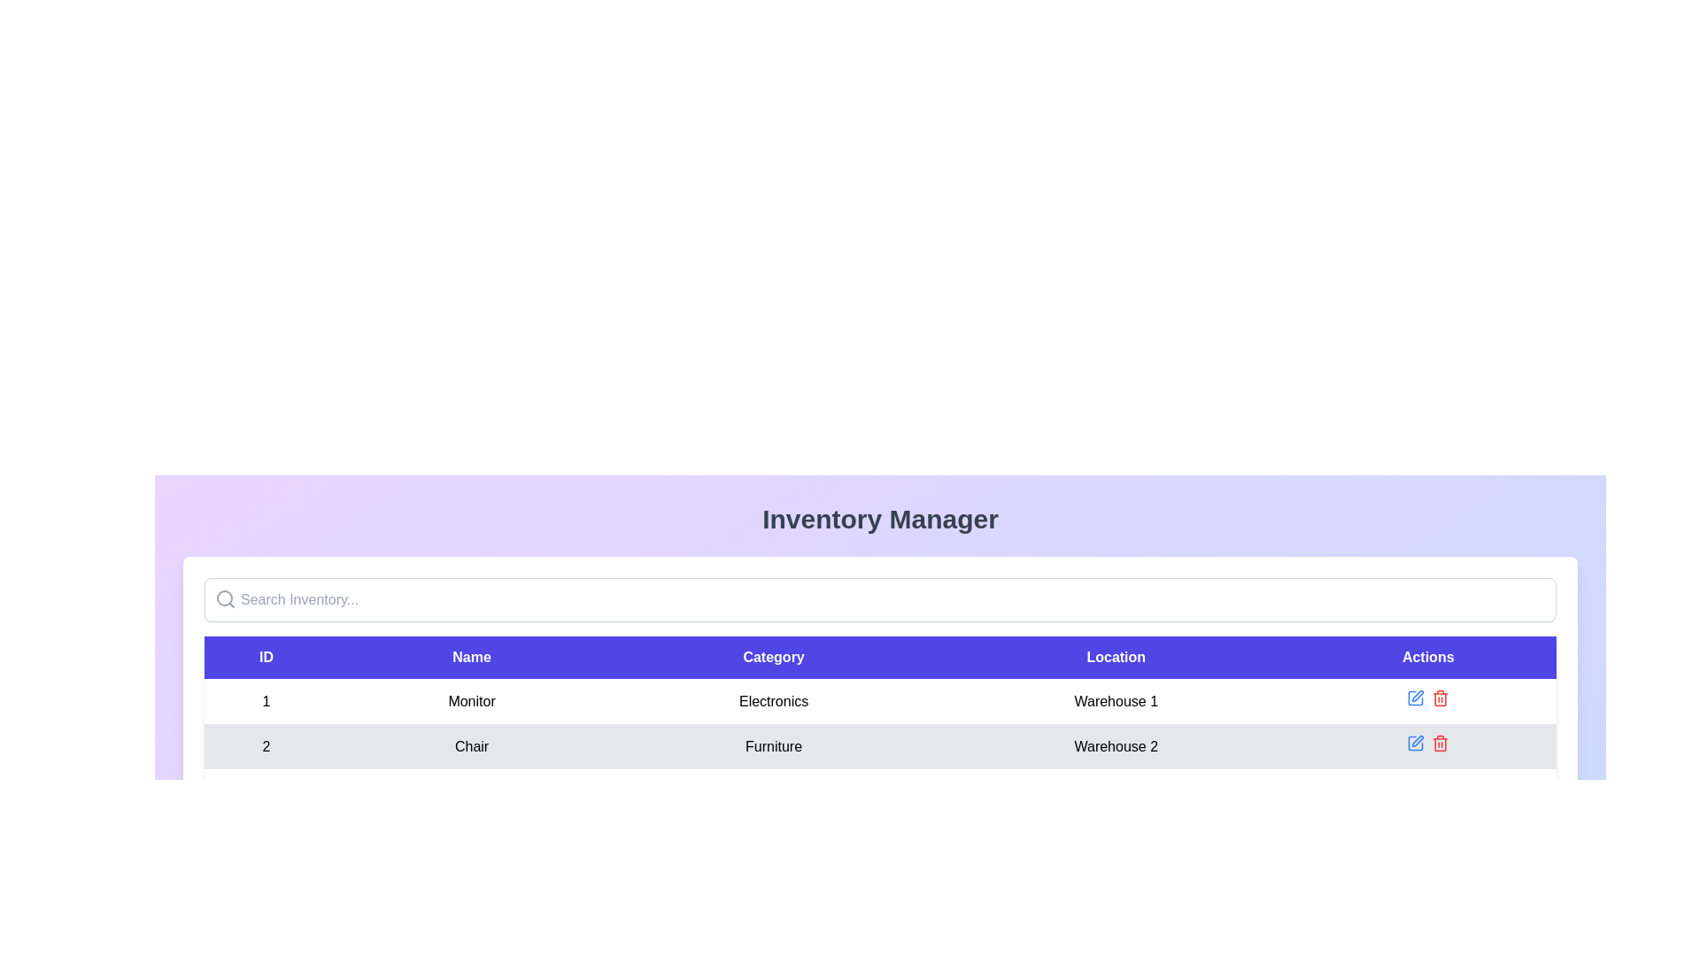 The image size is (1700, 956). What do you see at coordinates (1428, 658) in the screenshot?
I see `the text label displaying 'Actions' in white on a blue background, positioned at the far-right of the header row` at bounding box center [1428, 658].